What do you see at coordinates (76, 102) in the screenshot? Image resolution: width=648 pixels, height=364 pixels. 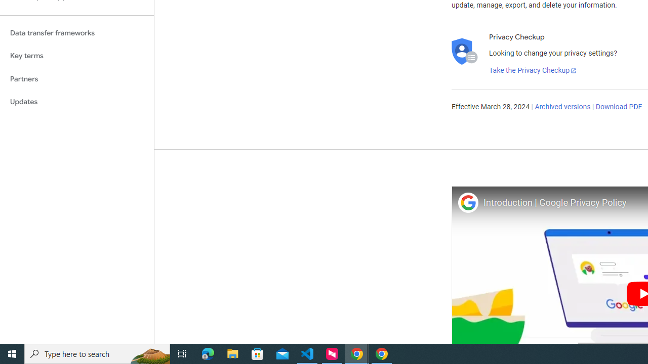 I see `'Updates'` at bounding box center [76, 102].